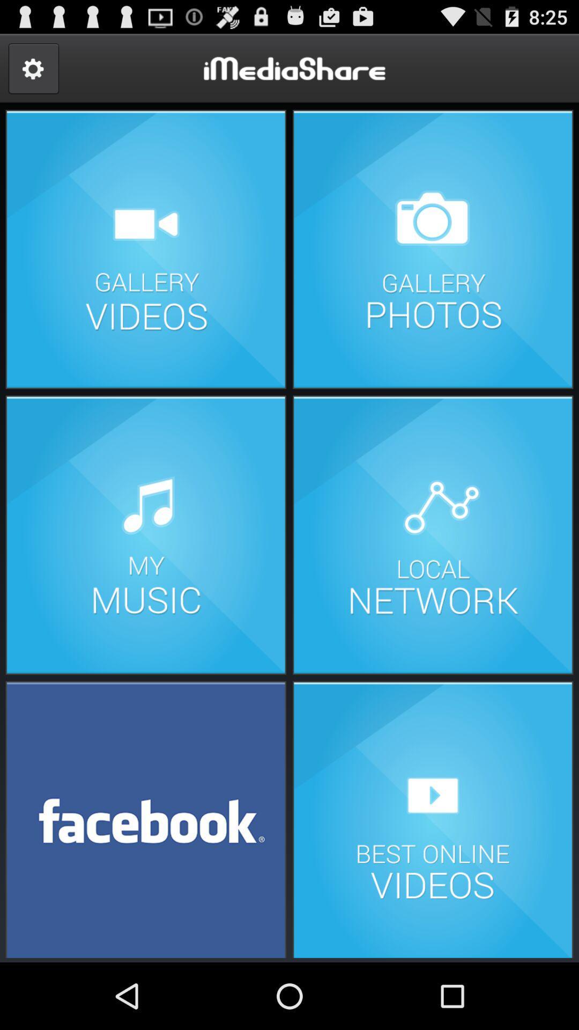 The width and height of the screenshot is (579, 1030). I want to click on open facebook, so click(146, 818).